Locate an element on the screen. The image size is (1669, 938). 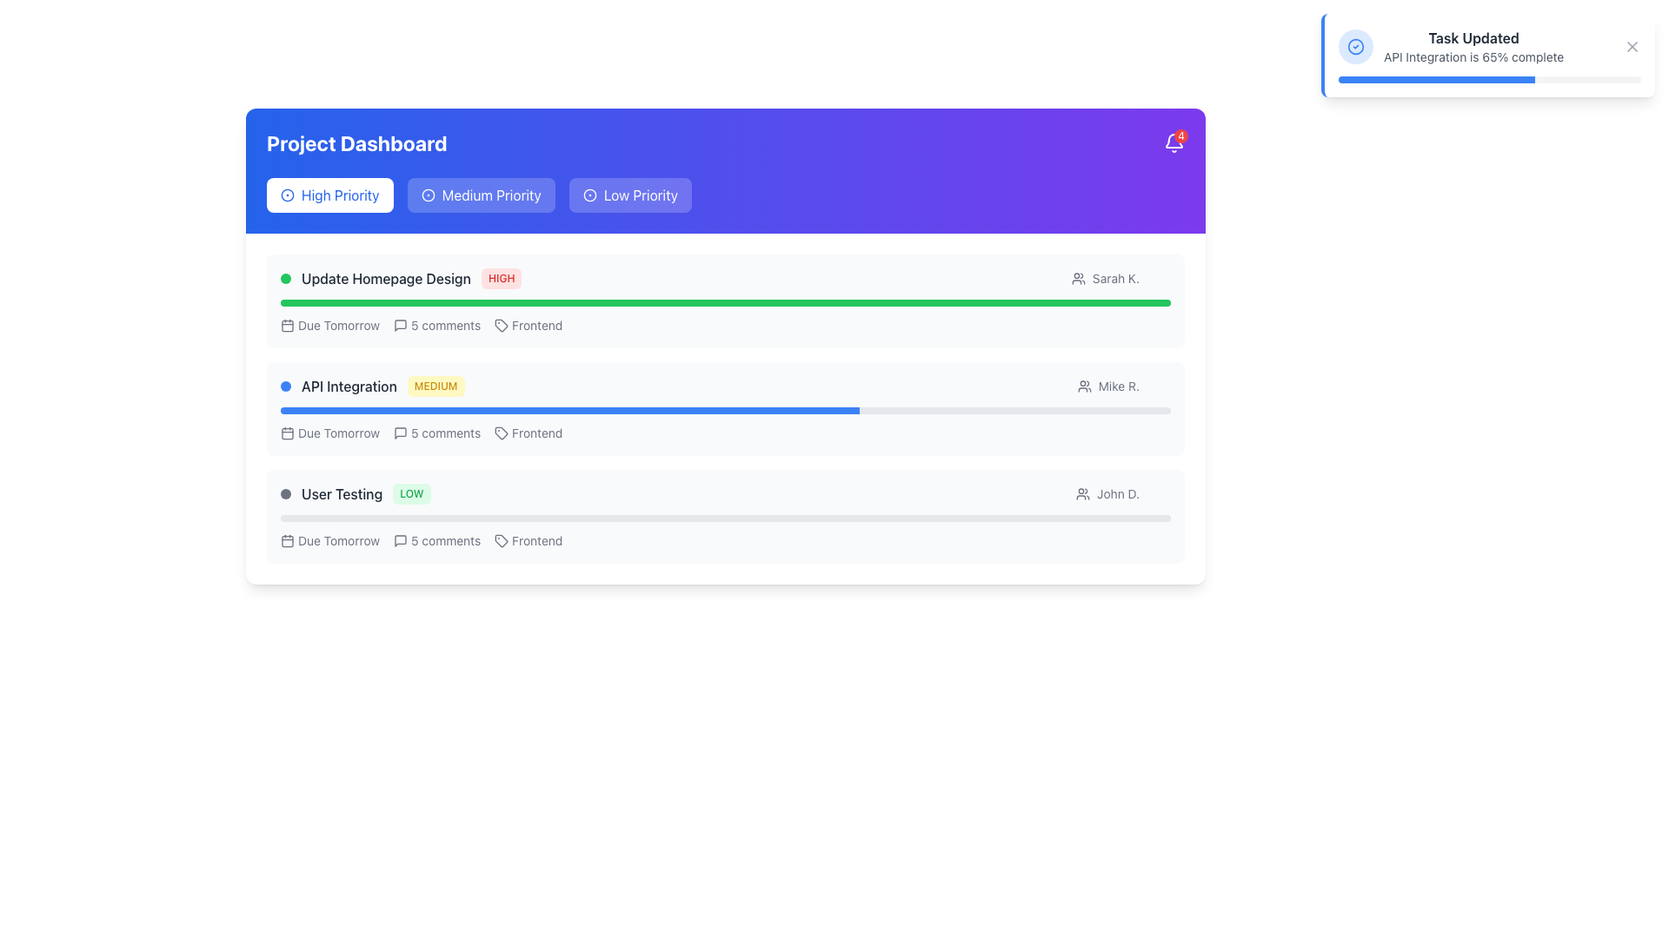
the label identifying 'Mike R.' associated with the 'API Integration' project on the project dashboard is located at coordinates (1107, 385).